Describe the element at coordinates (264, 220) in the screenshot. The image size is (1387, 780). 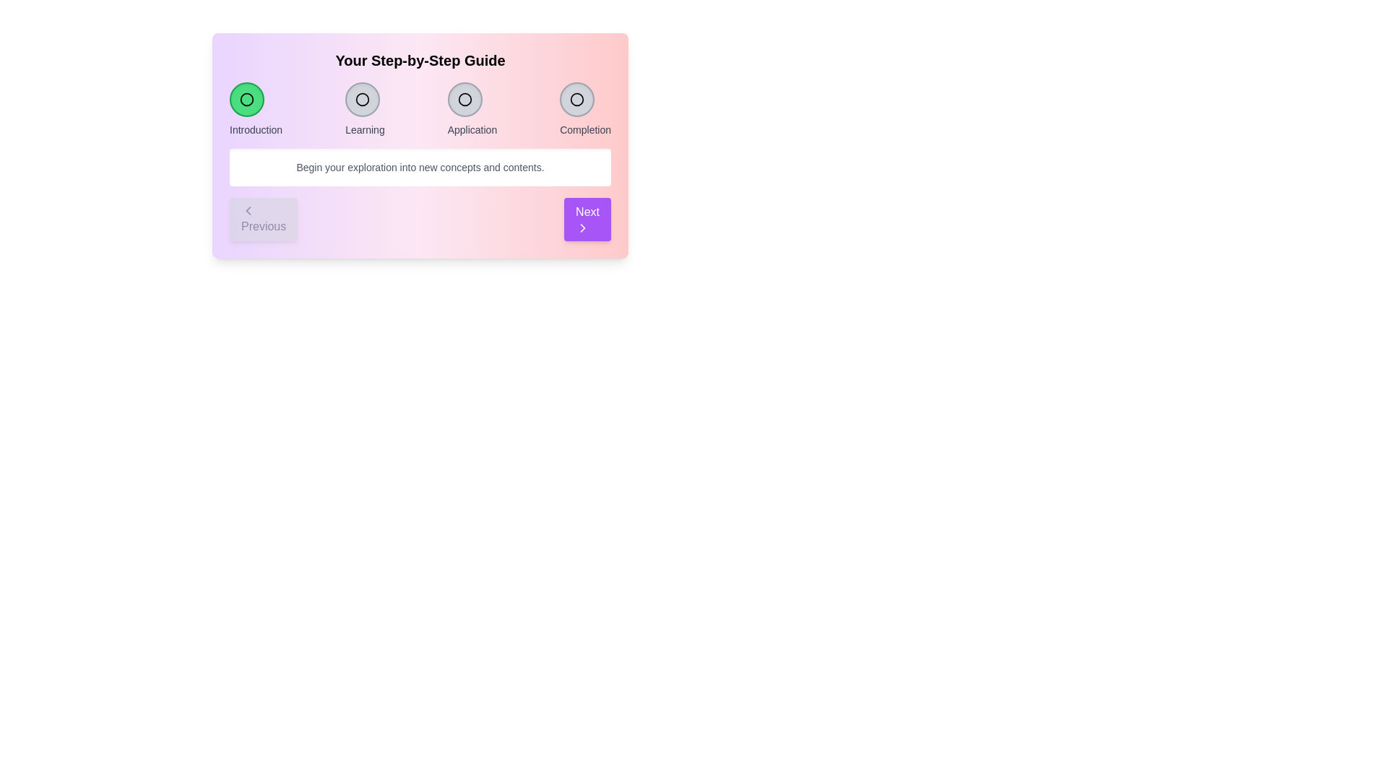
I see `the 'Previous' button located on the left side of the navigation control group at the bottom of the interface` at that location.